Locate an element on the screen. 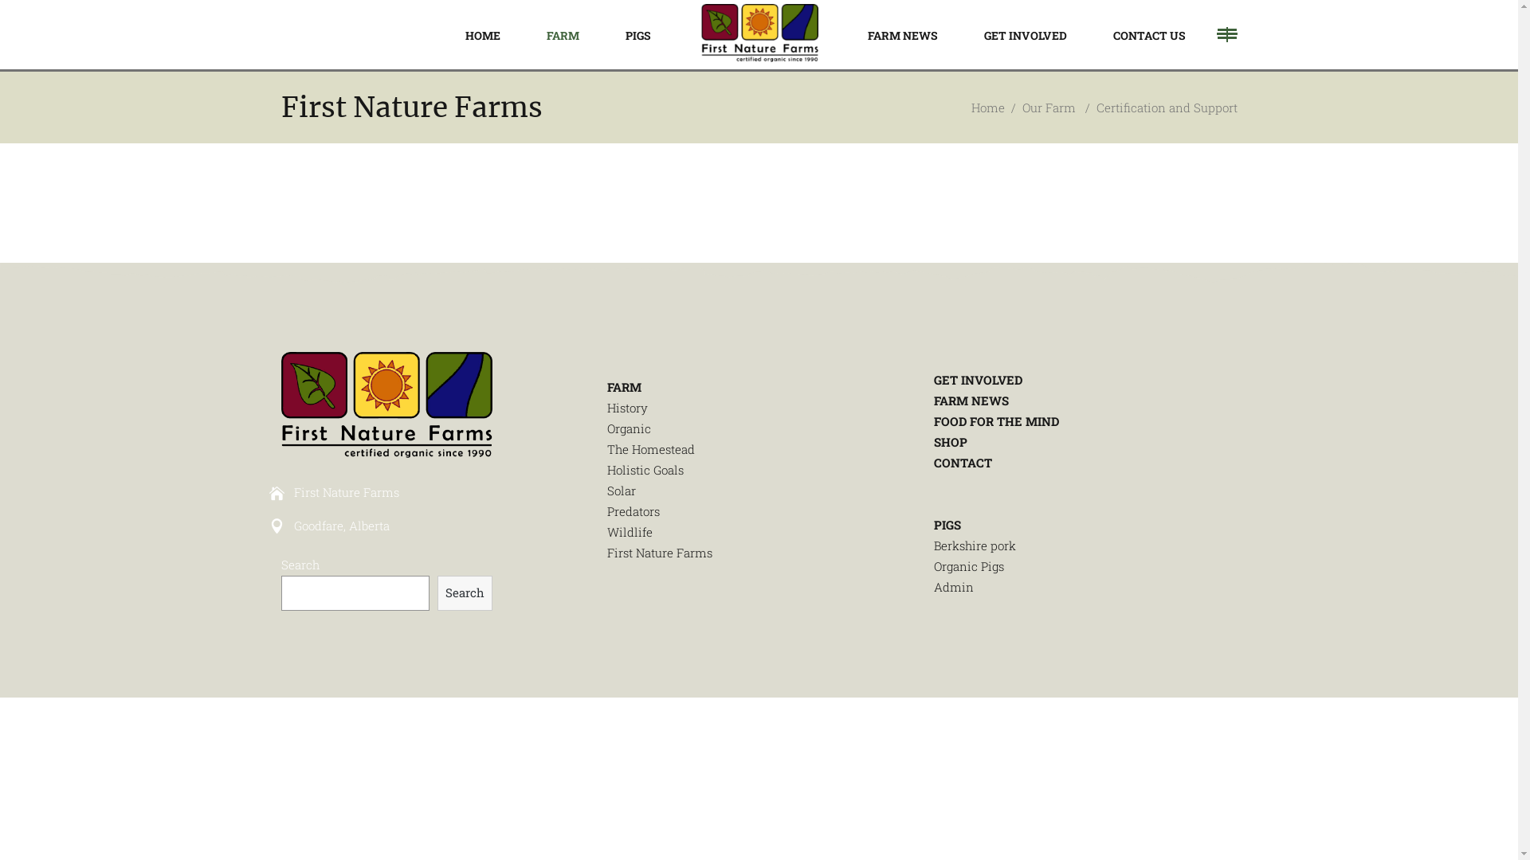  'CONTACT US' is located at coordinates (1149, 34).